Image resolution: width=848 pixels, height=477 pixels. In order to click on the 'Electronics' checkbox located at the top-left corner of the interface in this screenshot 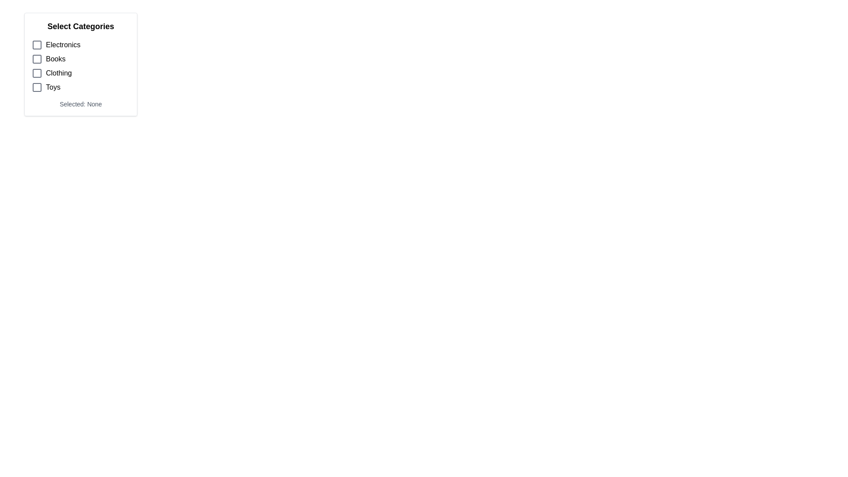, I will do `click(80, 45)`.